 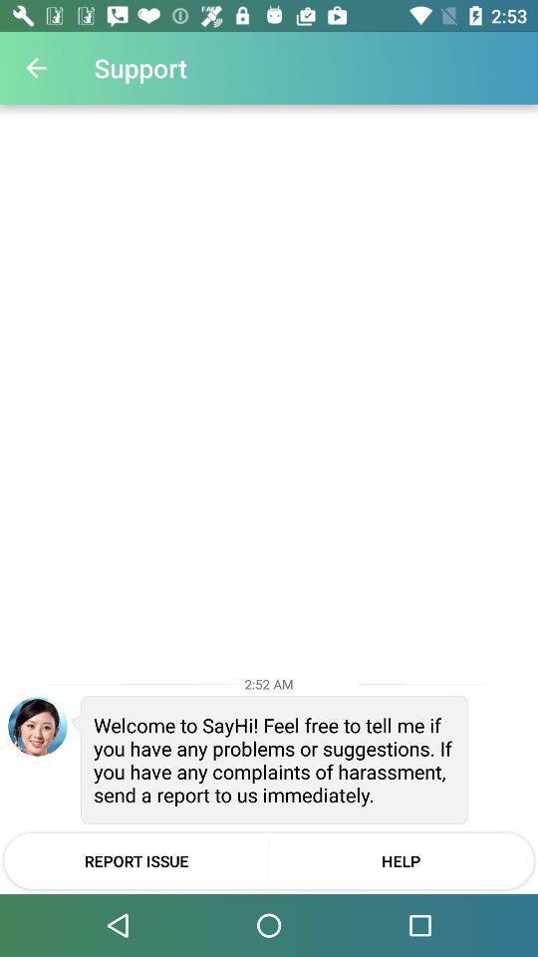 I want to click on help at the bottom right corner, so click(x=401, y=859).